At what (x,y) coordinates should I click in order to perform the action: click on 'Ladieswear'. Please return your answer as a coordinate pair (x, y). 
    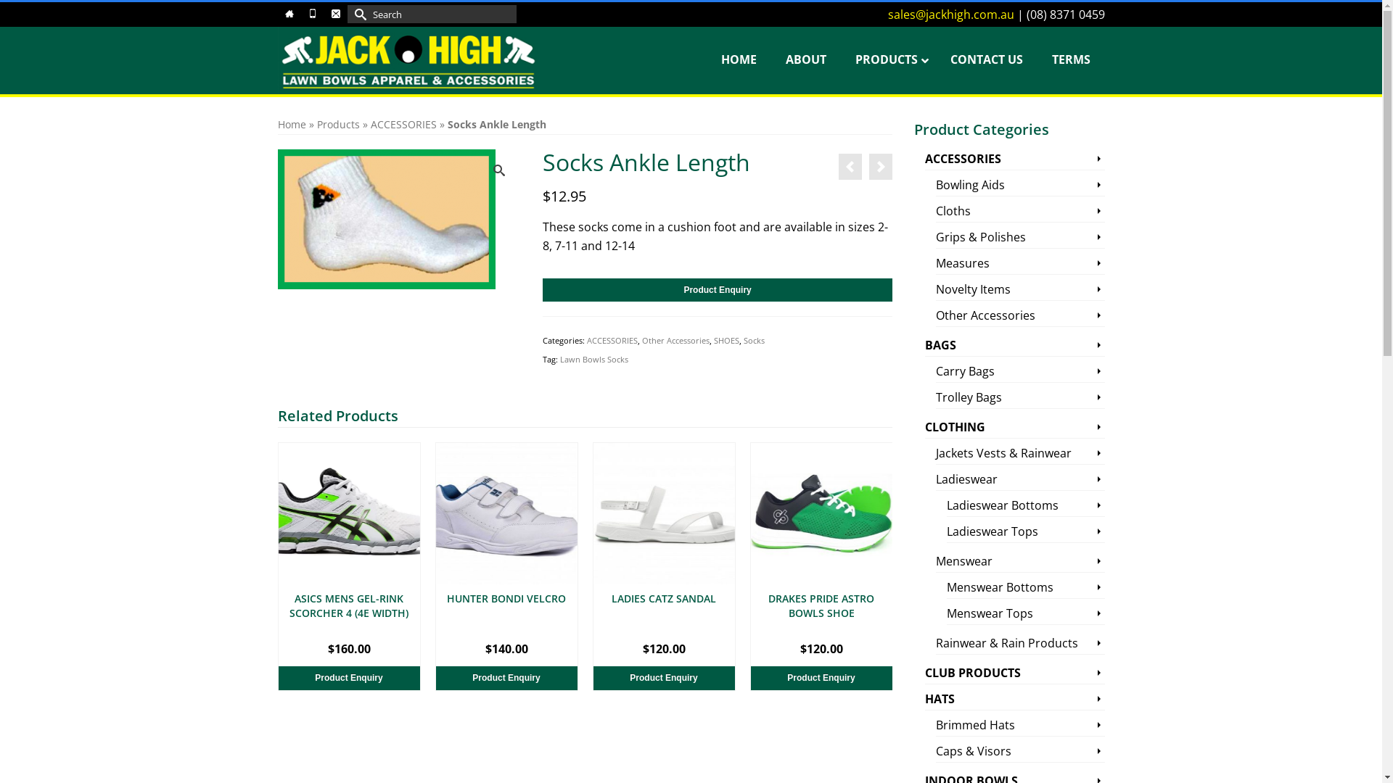
    Looking at the image, I should click on (1019, 479).